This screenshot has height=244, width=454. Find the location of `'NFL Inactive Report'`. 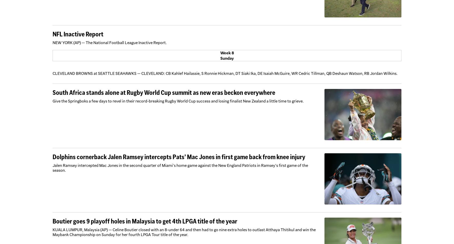

'NFL Inactive Report' is located at coordinates (78, 34).